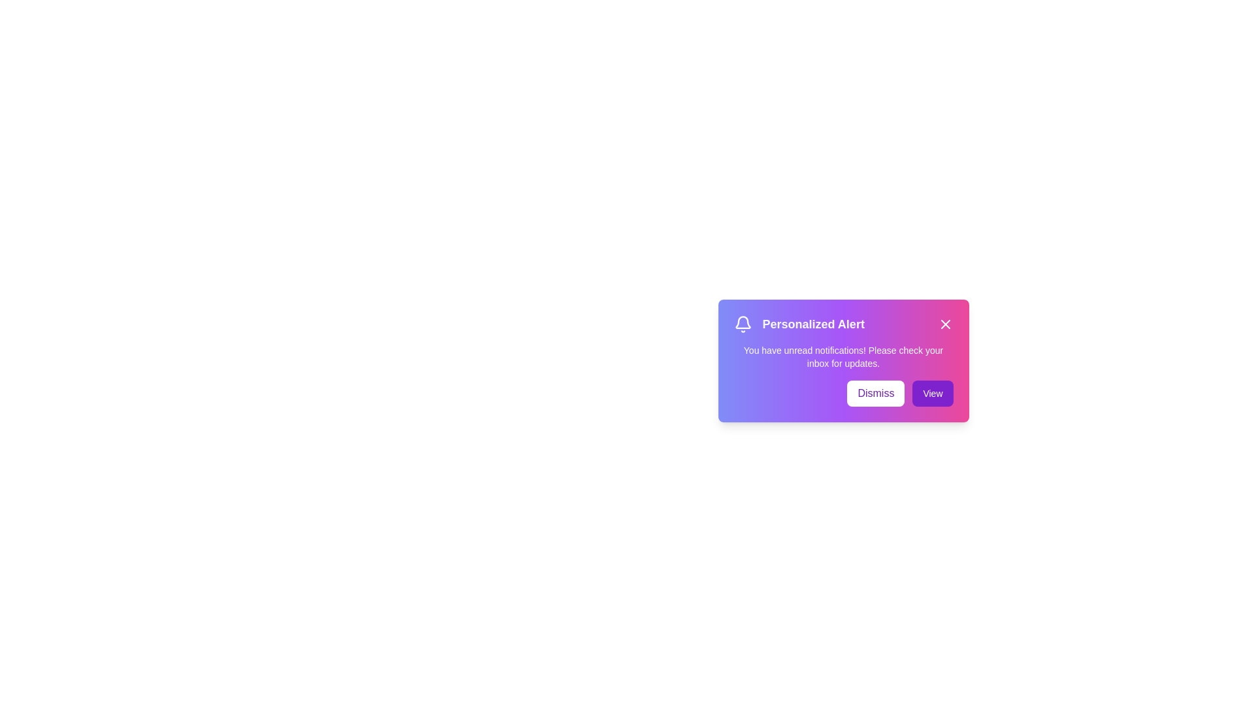 Image resolution: width=1254 pixels, height=705 pixels. I want to click on the 'View' button to view the notification details, so click(932, 392).